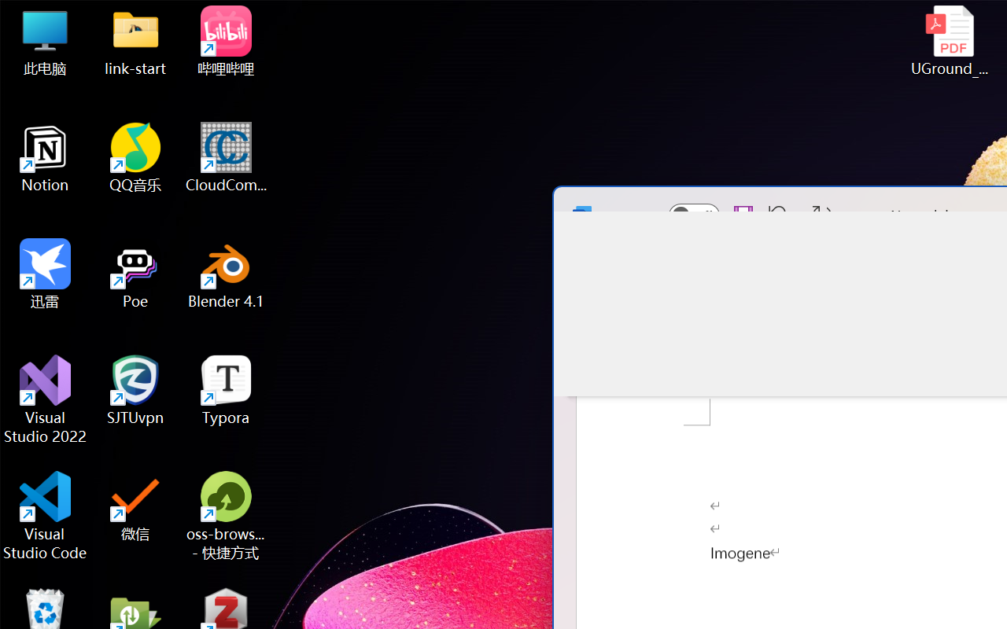 The height and width of the screenshot is (629, 1007). What do you see at coordinates (949, 40) in the screenshot?
I see `'UGround_paper.pdf'` at bounding box center [949, 40].